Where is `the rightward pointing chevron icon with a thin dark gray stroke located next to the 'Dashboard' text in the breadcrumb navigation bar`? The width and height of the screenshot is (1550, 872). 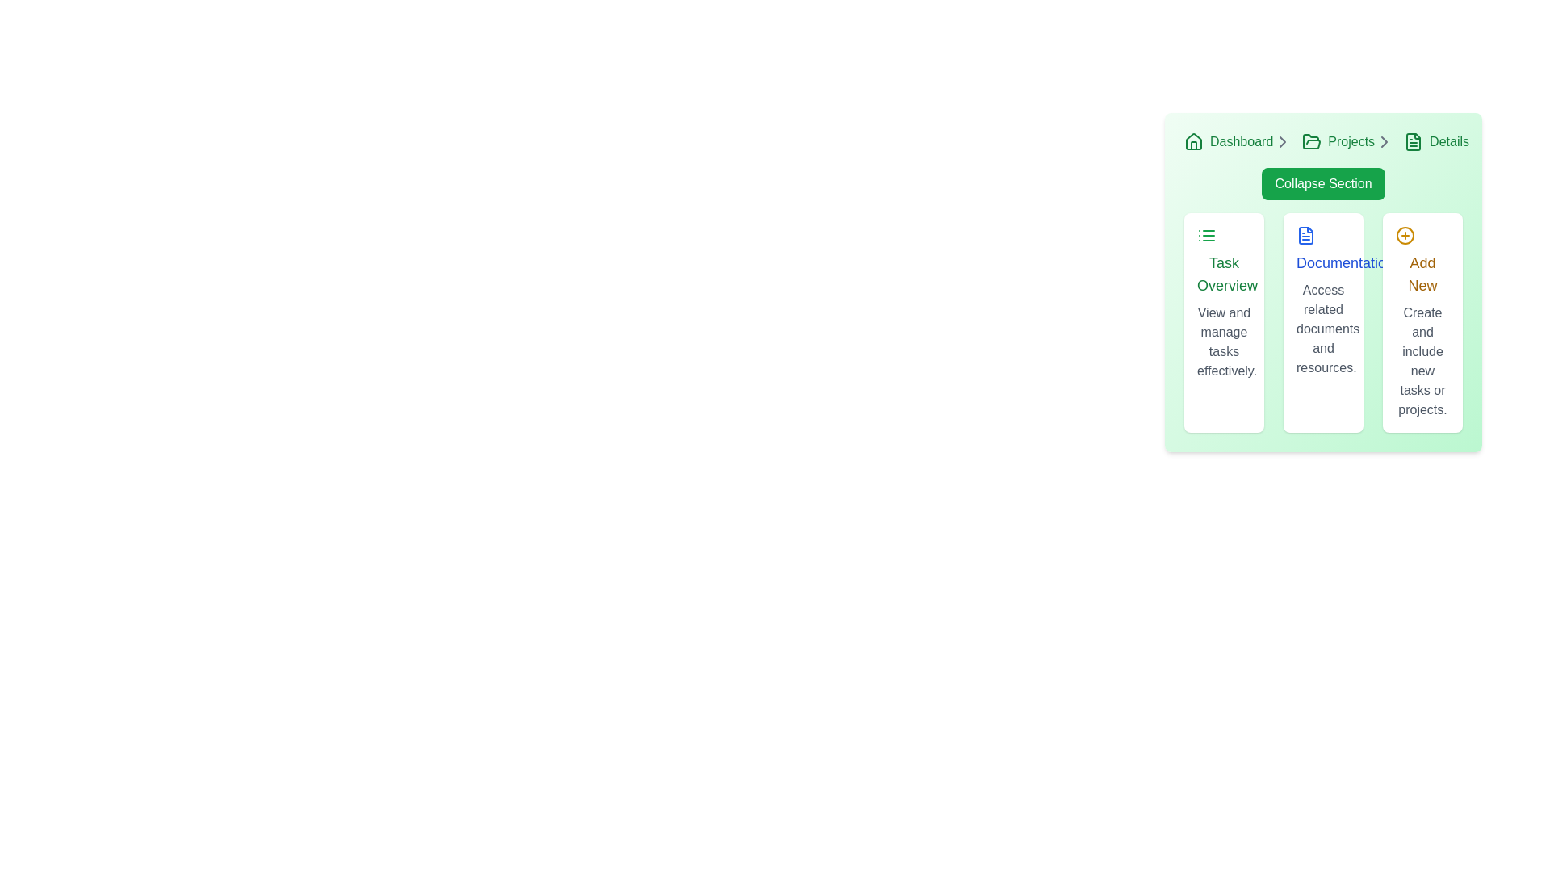
the rightward pointing chevron icon with a thin dark gray stroke located next to the 'Dashboard' text in the breadcrumb navigation bar is located at coordinates (1282, 141).